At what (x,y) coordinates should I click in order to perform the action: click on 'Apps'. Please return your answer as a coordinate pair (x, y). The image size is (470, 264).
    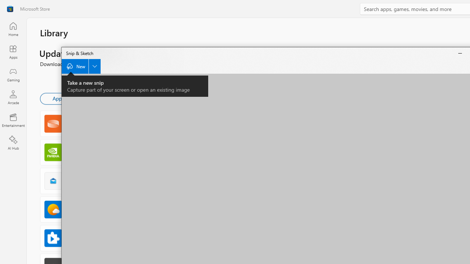
    Looking at the image, I should click on (13, 51).